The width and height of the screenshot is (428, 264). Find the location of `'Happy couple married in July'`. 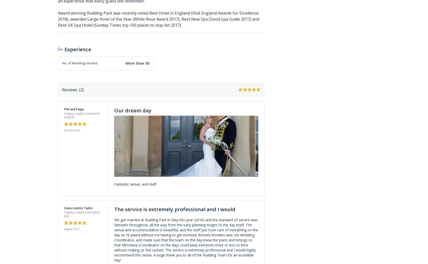

'Happy couple married in July' is located at coordinates (64, 214).